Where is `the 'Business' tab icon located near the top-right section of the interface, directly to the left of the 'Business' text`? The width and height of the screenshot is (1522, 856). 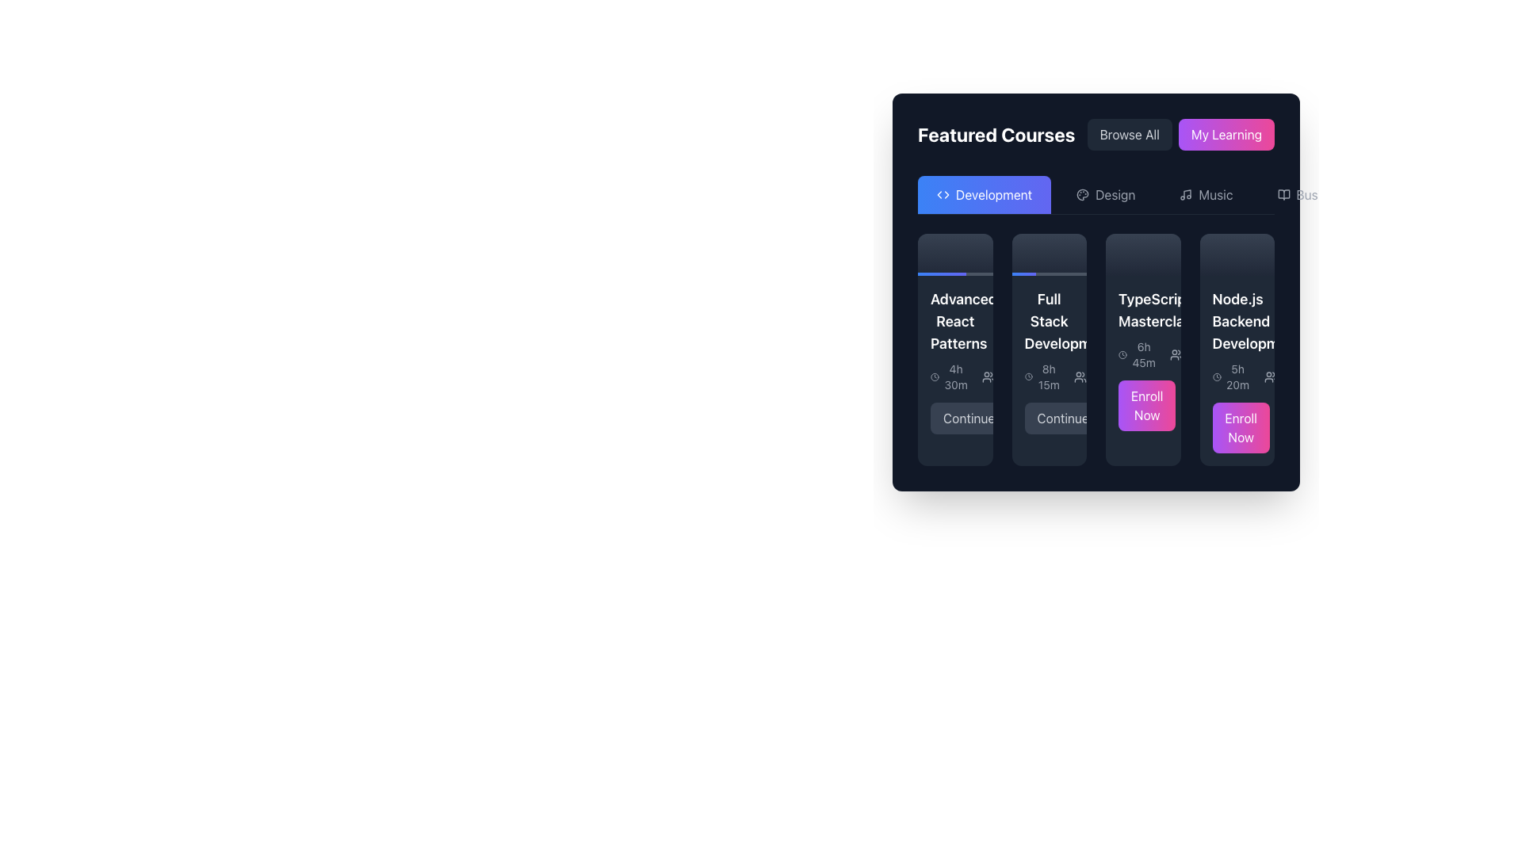 the 'Business' tab icon located near the top-right section of the interface, directly to the left of the 'Business' text is located at coordinates (1283, 194).